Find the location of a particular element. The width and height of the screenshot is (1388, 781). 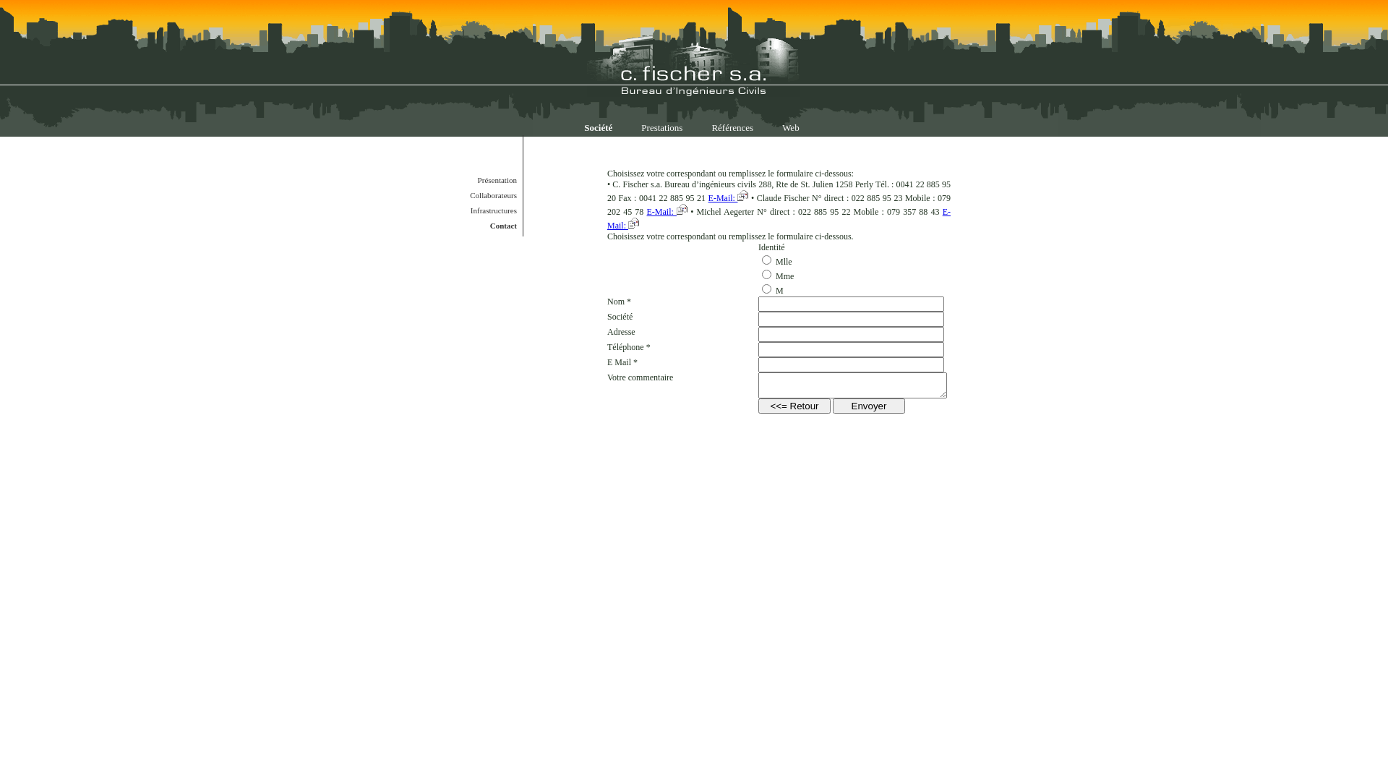

'Web' is located at coordinates (790, 127).